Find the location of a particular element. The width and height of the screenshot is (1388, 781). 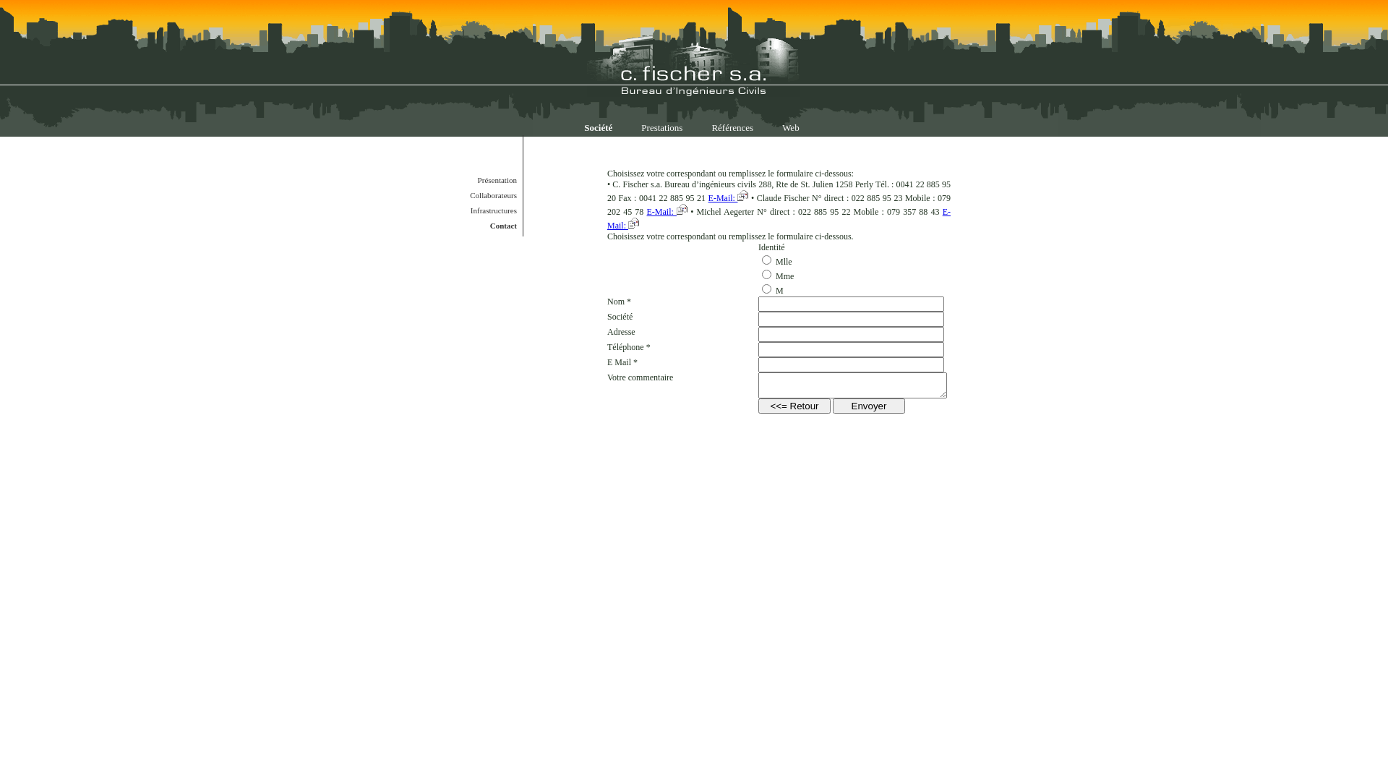

'Web' is located at coordinates (790, 127).